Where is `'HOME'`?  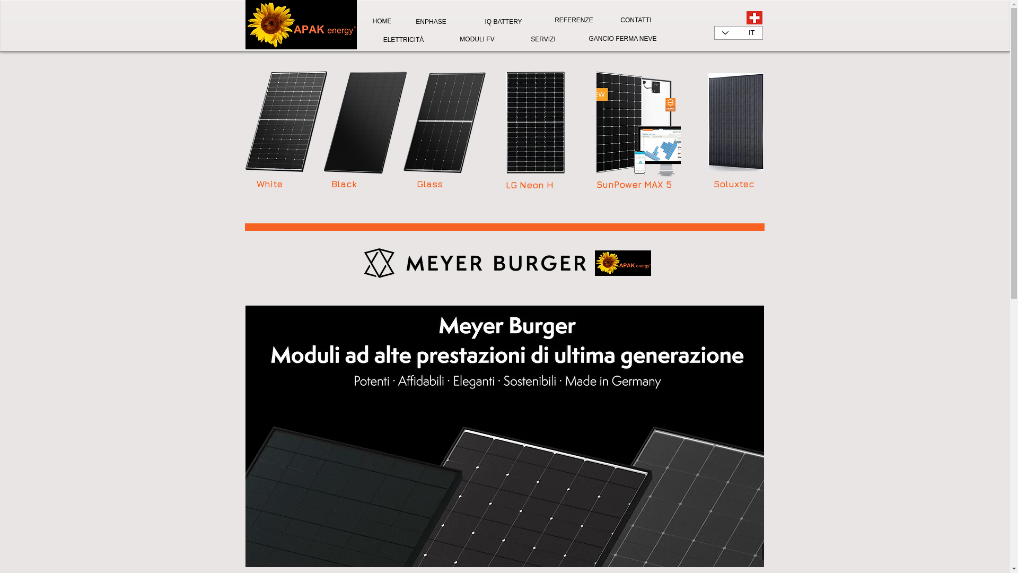
'HOME' is located at coordinates (382, 21).